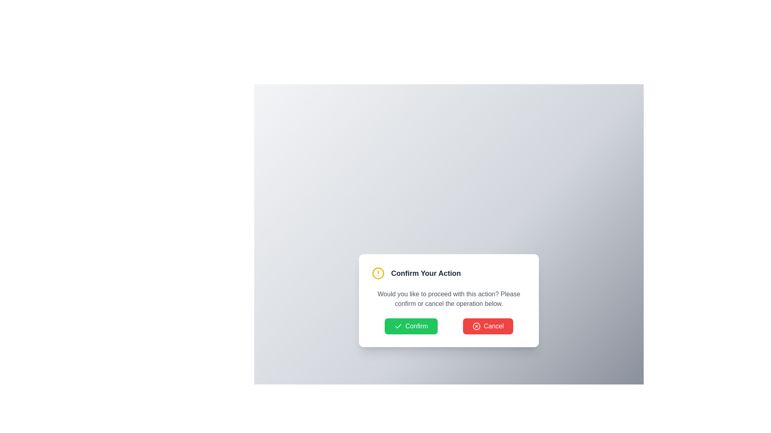 This screenshot has height=433, width=771. What do you see at coordinates (449, 299) in the screenshot?
I see `the static text element that provides instructions to the user, located directly under the title header and above the confirmation and cancellation buttons` at bounding box center [449, 299].